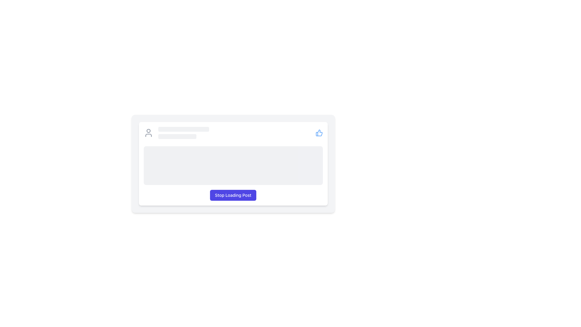 The height and width of the screenshot is (327, 581). I want to click on the lower semicircular line representing the torso part of the avatar icon, which is part of a gray-themed circular graphical arrangement, so click(148, 135).